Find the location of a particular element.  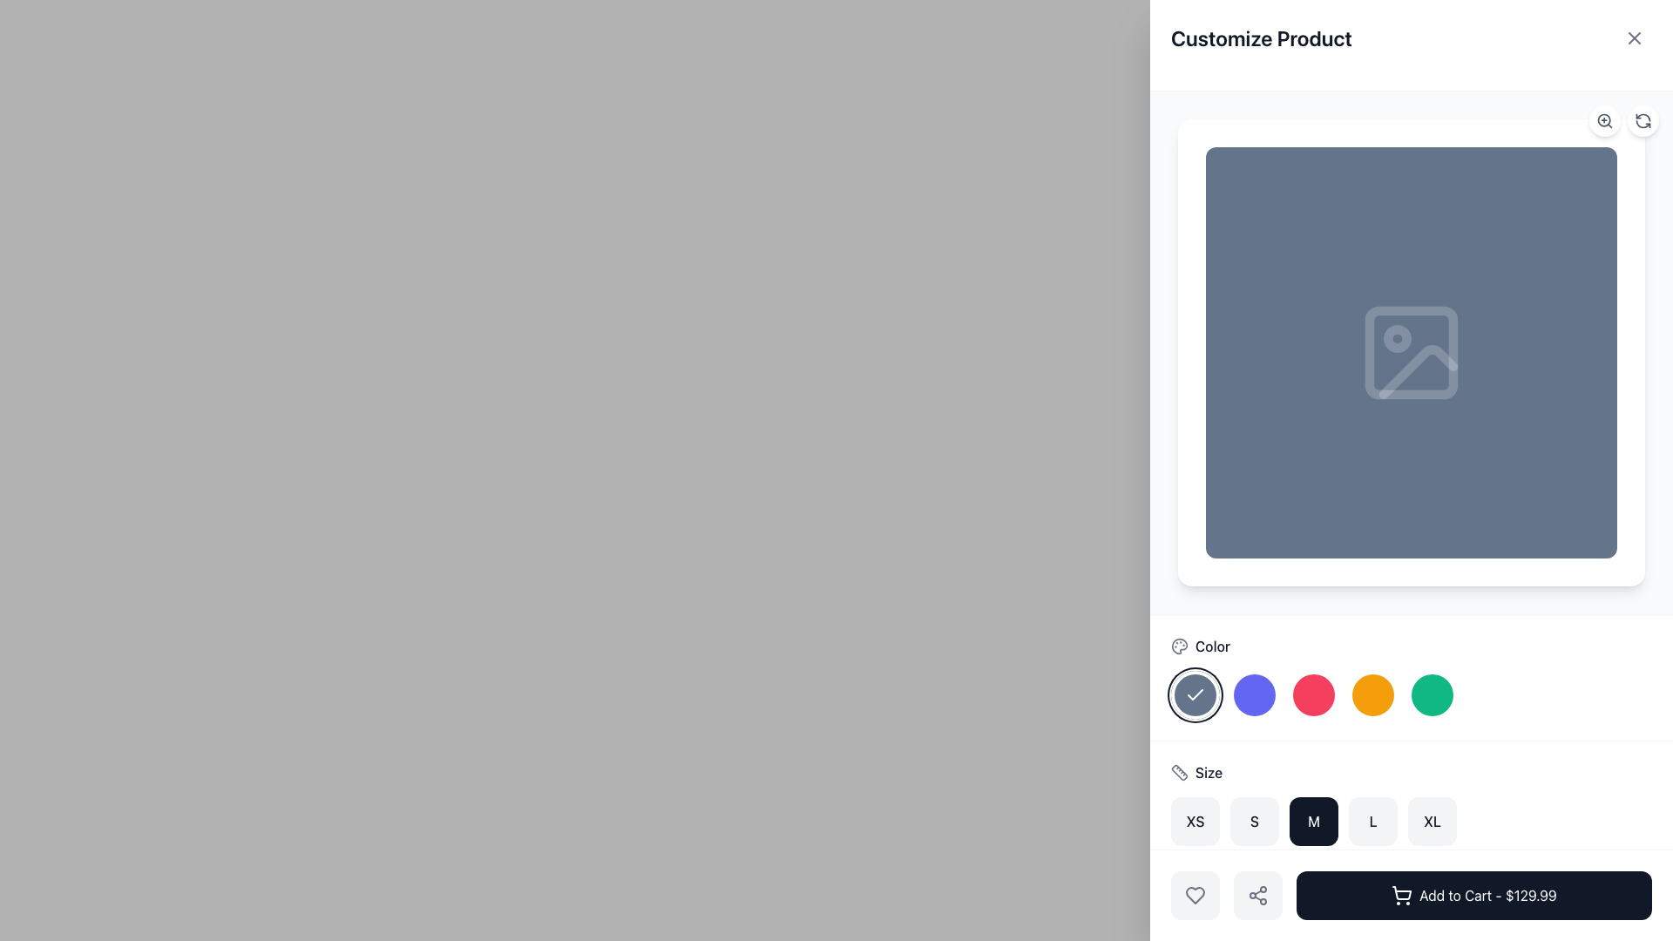

the circular button with a slate gray background and a white checkmark icon is located at coordinates (1195, 694).